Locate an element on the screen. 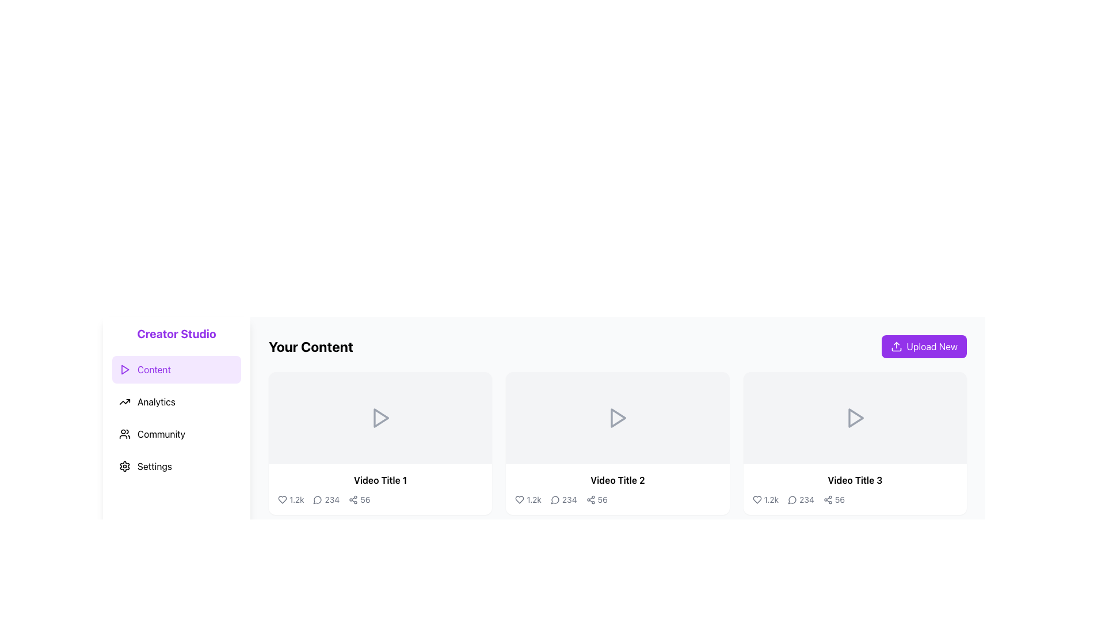 The image size is (1105, 622). the Card component with the play symbol and 'Video Title 2' text is located at coordinates (617, 443).